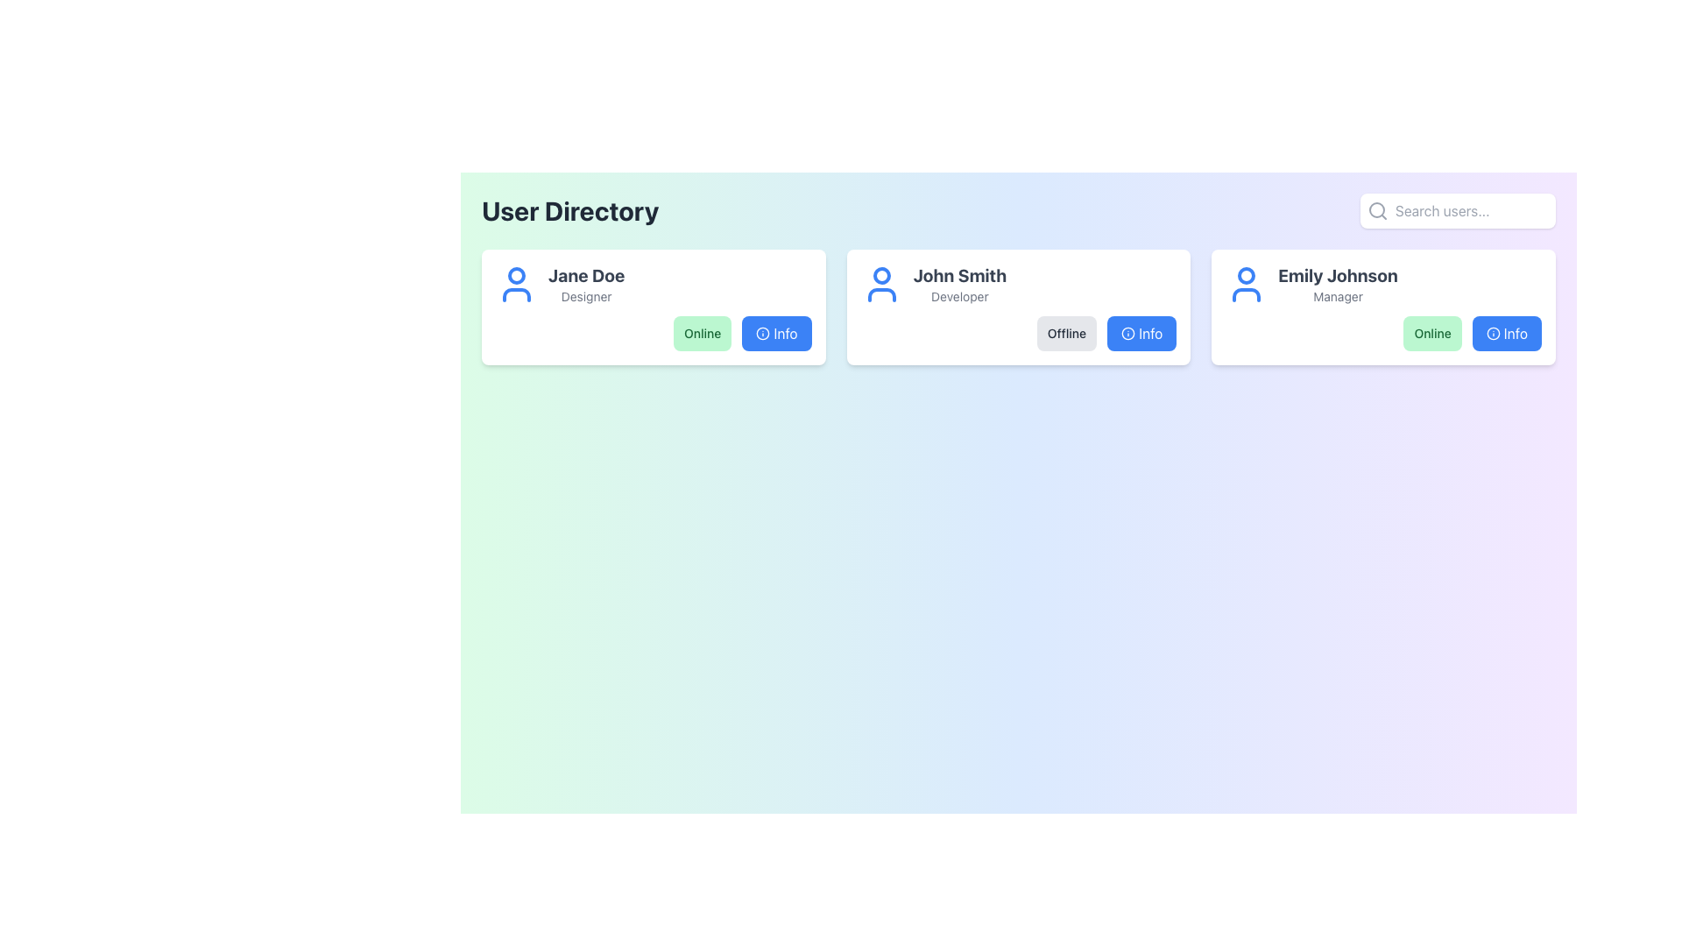 The height and width of the screenshot is (946, 1682). Describe the element at coordinates (1337, 283) in the screenshot. I see `text displayed in the Text Display element, which shows 'Emily Johnson' and 'Manager' in the upper-right area of the user directory card` at that location.